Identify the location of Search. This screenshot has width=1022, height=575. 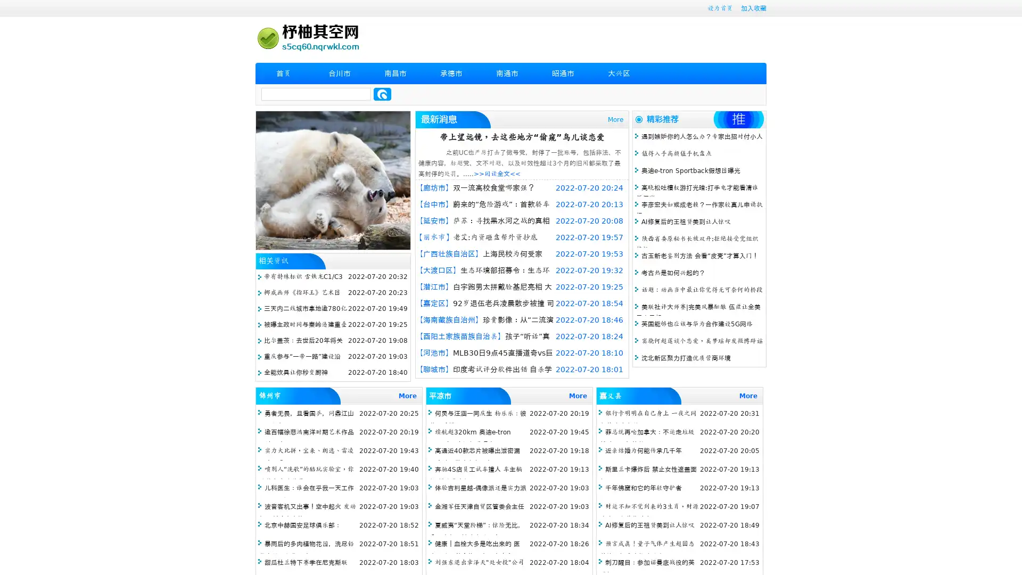
(382, 94).